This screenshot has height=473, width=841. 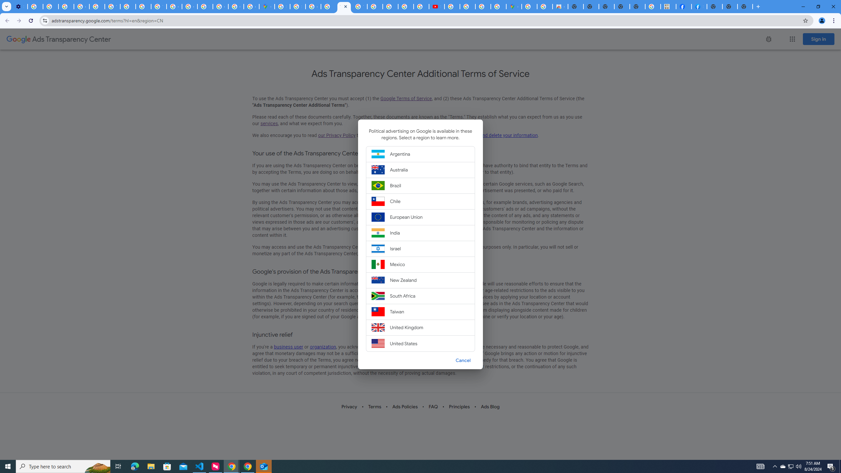 What do you see at coordinates (143, 6) in the screenshot?
I see `'Privacy Help Center - Policies Help'` at bounding box center [143, 6].